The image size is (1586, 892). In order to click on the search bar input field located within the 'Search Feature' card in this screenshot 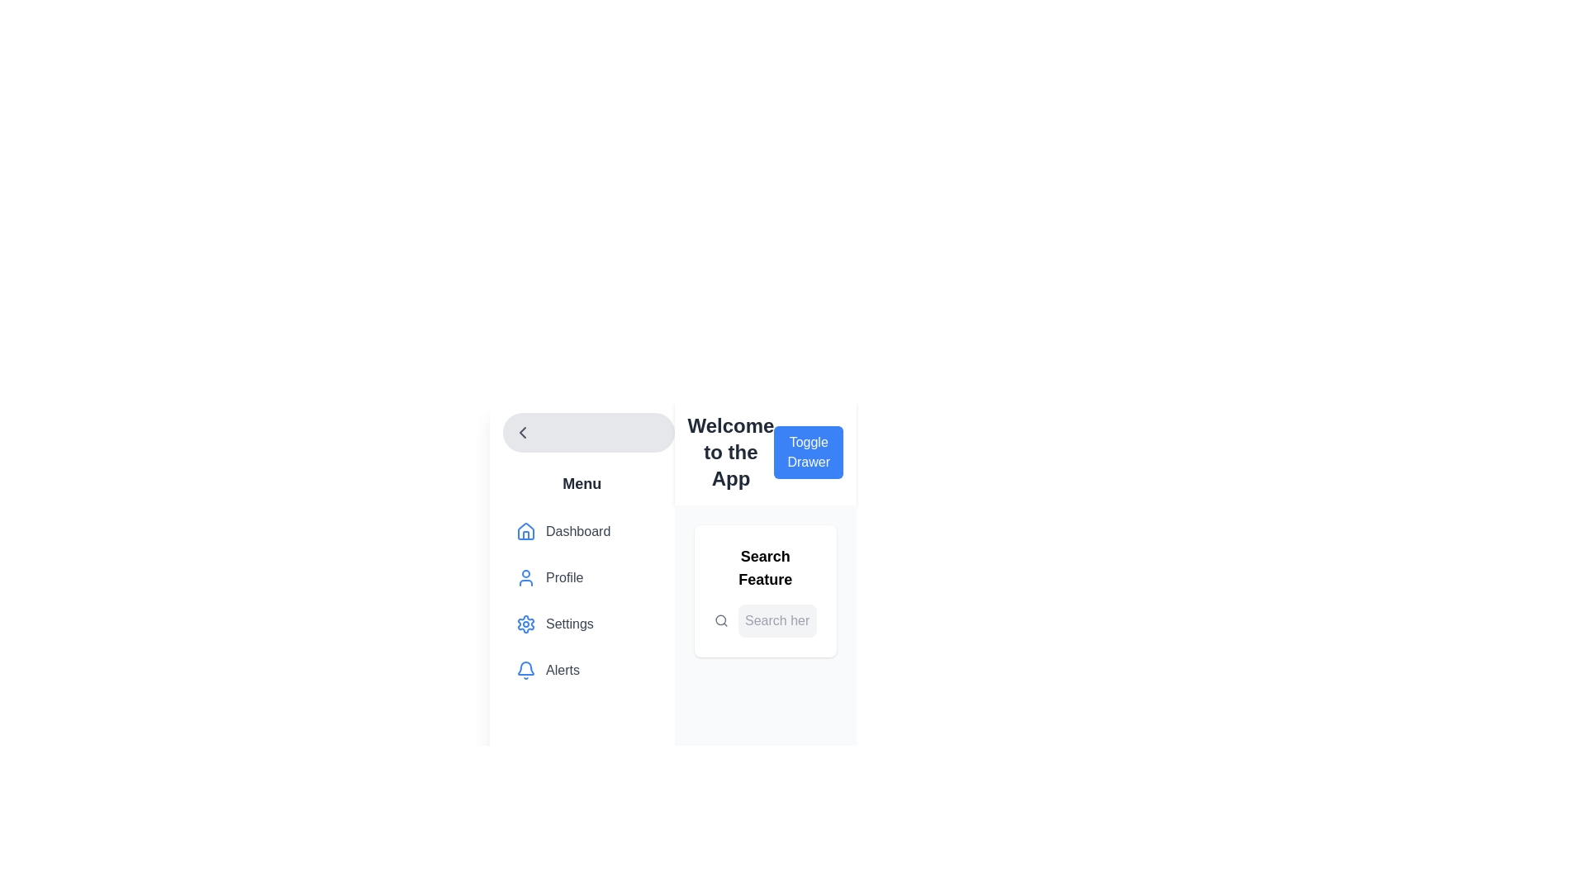, I will do `click(764, 621)`.